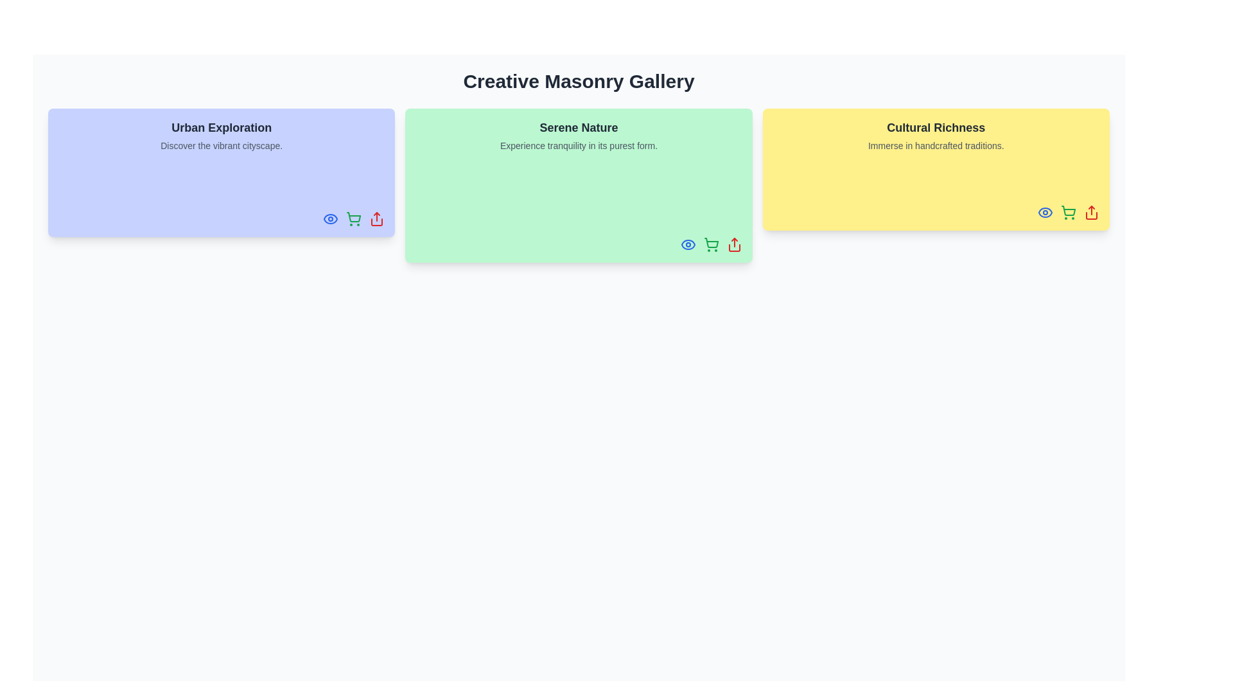 This screenshot has height=694, width=1233. Describe the element at coordinates (354, 217) in the screenshot. I see `the green shopping cart icon located in the lower-right corner of the blue card labeled 'Urban Exploration'` at that location.